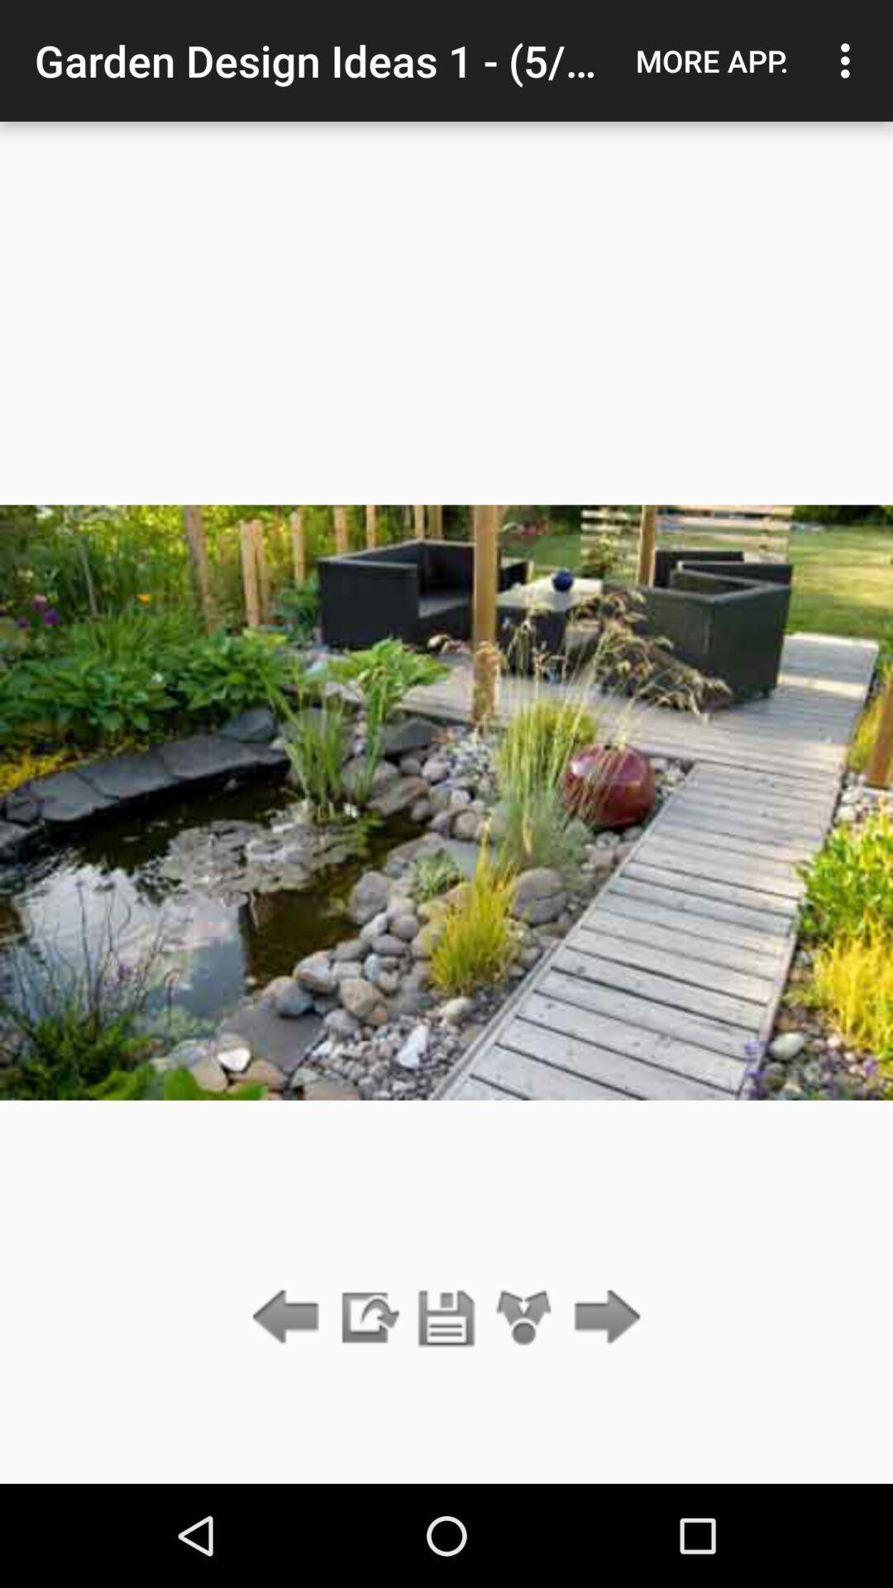  Describe the element at coordinates (367, 1318) in the screenshot. I see `share image` at that location.